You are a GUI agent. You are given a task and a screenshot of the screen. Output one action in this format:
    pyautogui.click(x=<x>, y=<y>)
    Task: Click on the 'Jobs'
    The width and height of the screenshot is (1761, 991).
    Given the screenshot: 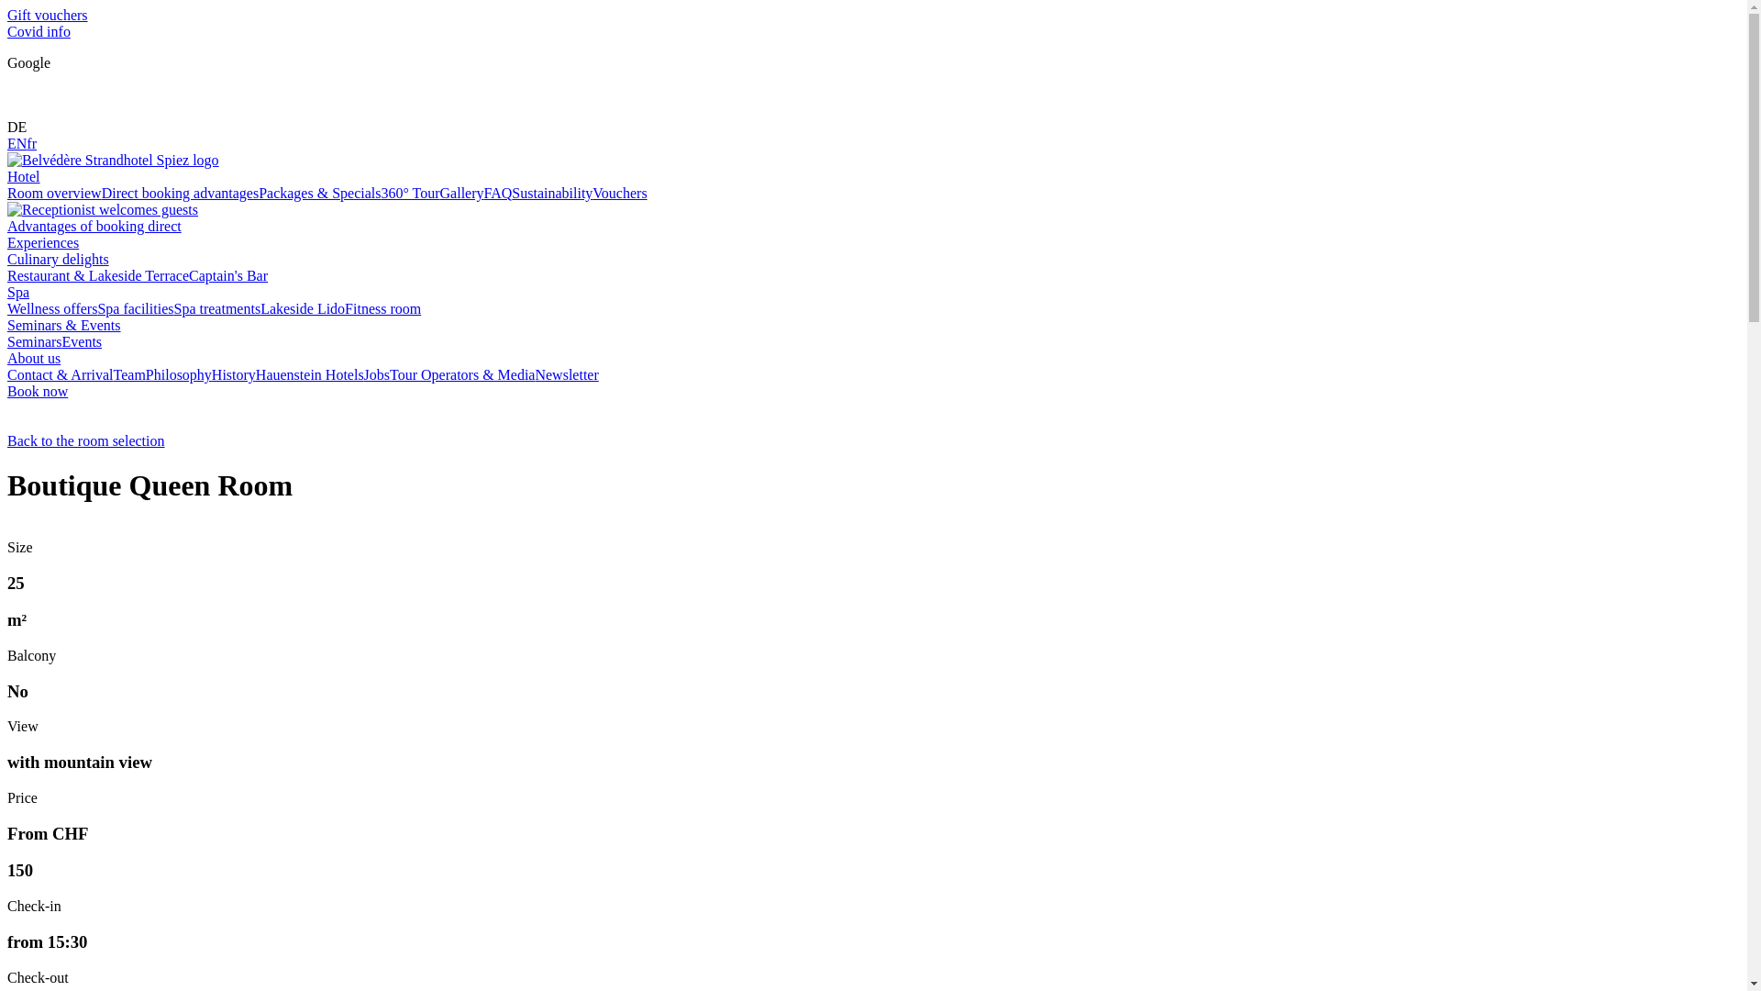 What is the action you would take?
    pyautogui.click(x=376, y=373)
    